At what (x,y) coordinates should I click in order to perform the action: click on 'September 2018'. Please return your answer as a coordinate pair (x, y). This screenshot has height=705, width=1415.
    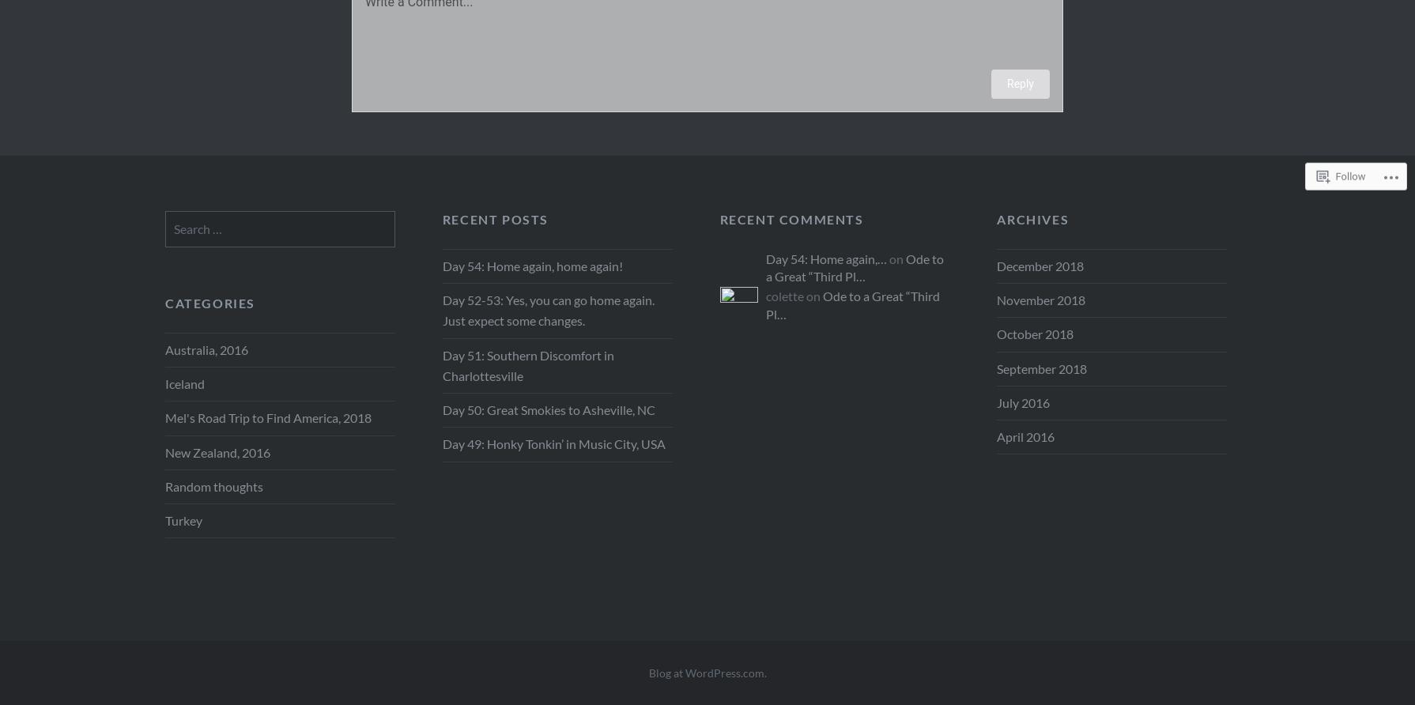
    Looking at the image, I should click on (1041, 368).